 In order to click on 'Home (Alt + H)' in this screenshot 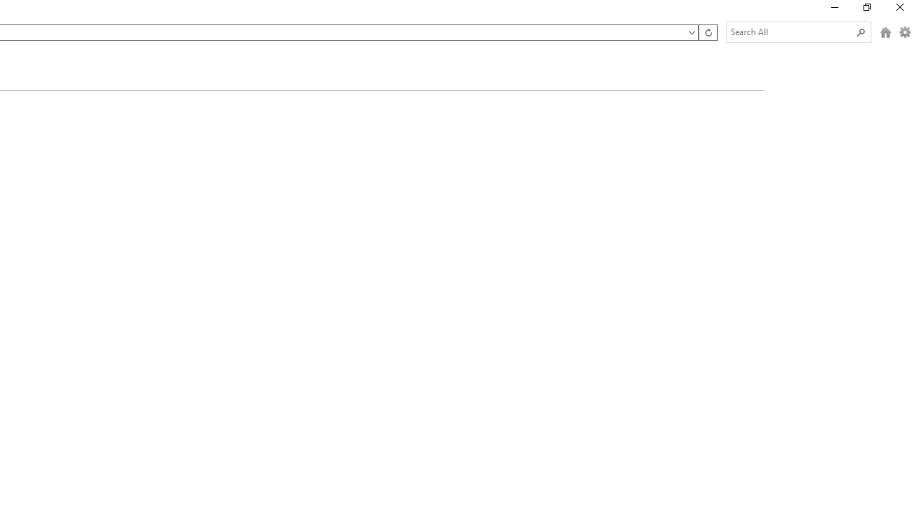, I will do `click(885, 32)`.